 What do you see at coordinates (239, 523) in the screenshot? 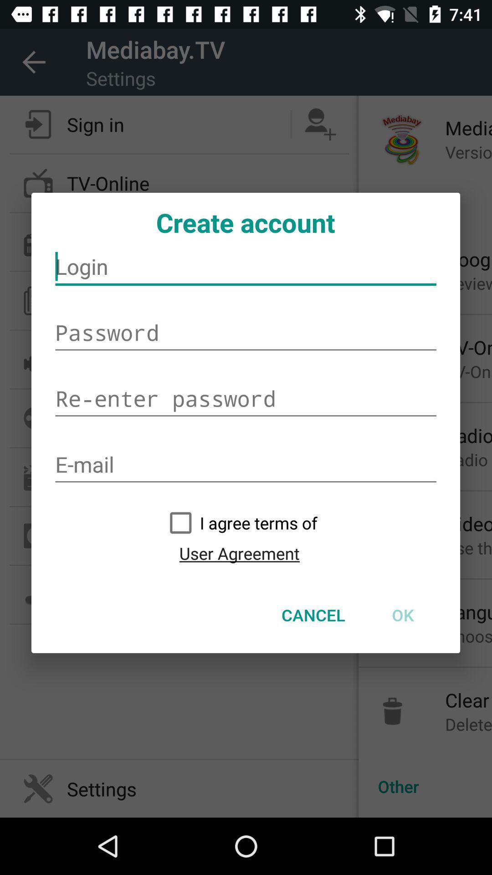
I see `the i agree terms item` at bounding box center [239, 523].